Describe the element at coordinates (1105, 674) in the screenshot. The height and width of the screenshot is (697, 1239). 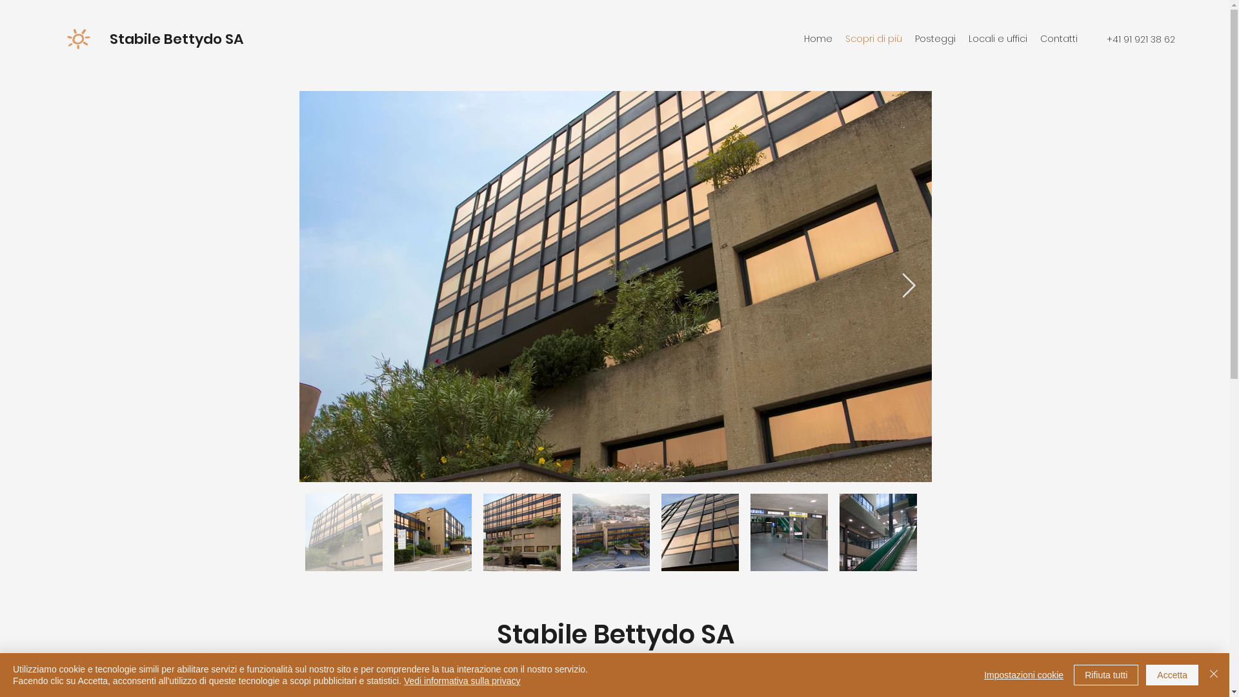
I see `'Rifiuta tutti'` at that location.